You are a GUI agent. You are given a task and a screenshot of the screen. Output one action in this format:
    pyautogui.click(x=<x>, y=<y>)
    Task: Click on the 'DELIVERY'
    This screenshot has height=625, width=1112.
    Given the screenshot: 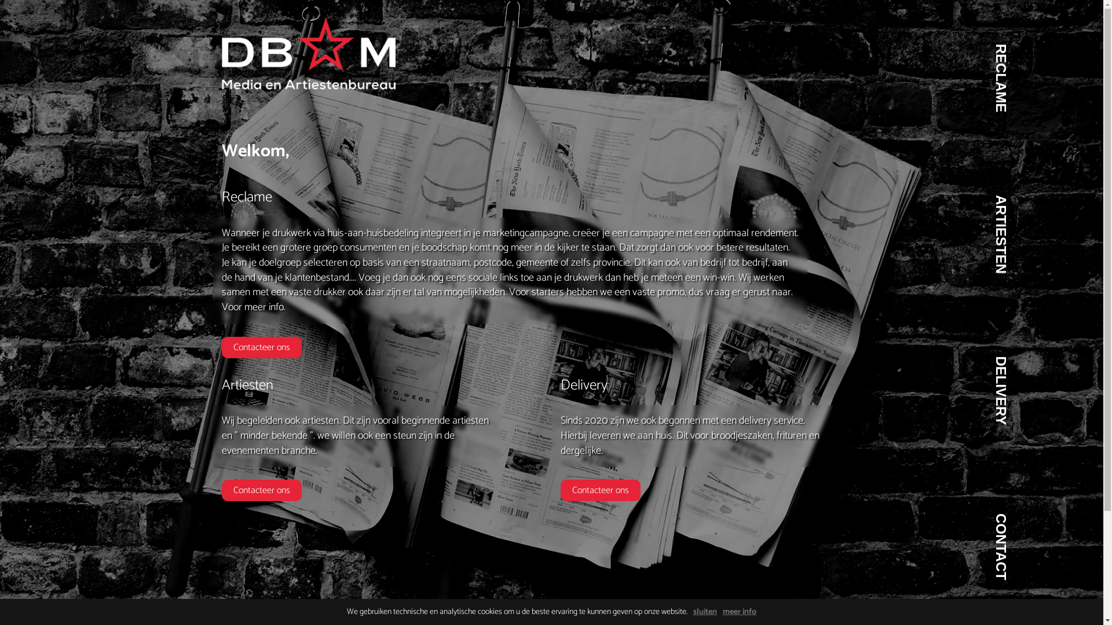 What is the action you would take?
    pyautogui.click(x=1025, y=366)
    